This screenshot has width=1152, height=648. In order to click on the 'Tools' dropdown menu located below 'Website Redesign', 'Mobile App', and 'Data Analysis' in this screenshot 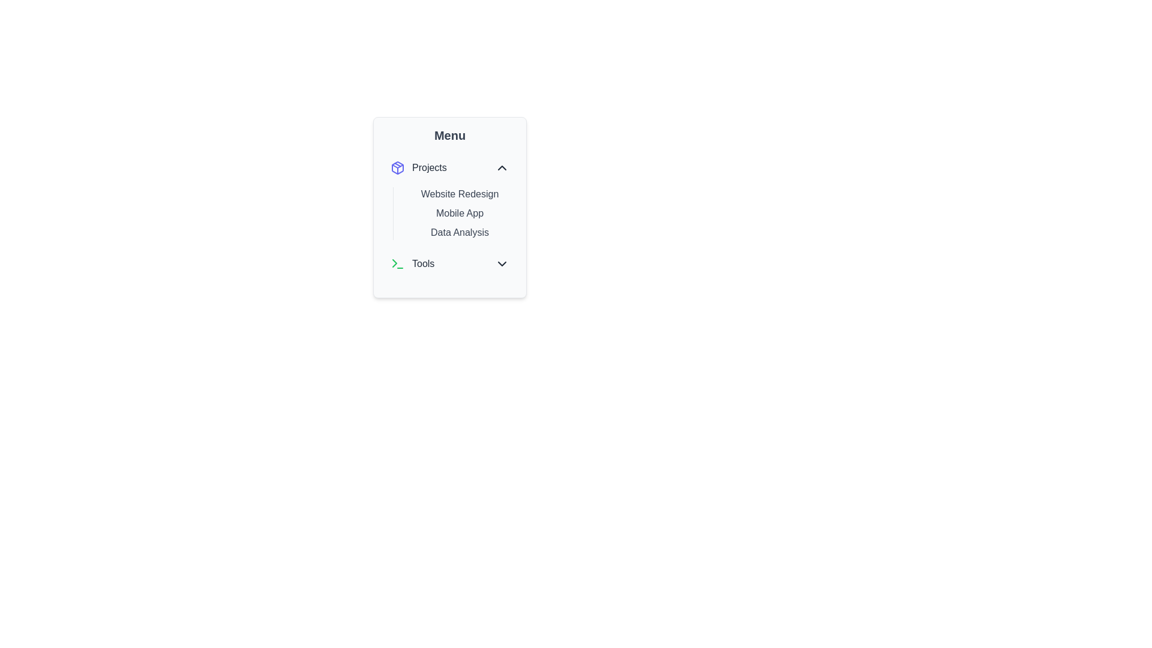, I will do `click(449, 263)`.